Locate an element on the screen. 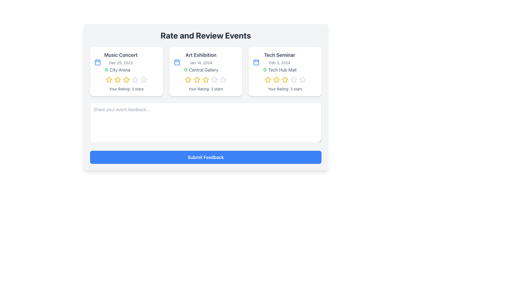 The width and height of the screenshot is (524, 295). the fourth star from the left in the row of five stars under the 'Music Concert' section is located at coordinates (135, 80).